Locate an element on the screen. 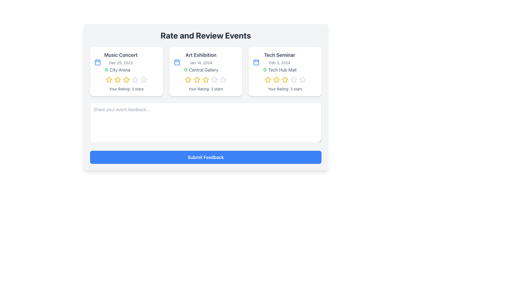 The width and height of the screenshot is (524, 295). the fourth star from the left in the row of five stars under the 'Music Concert' section is located at coordinates (135, 80).